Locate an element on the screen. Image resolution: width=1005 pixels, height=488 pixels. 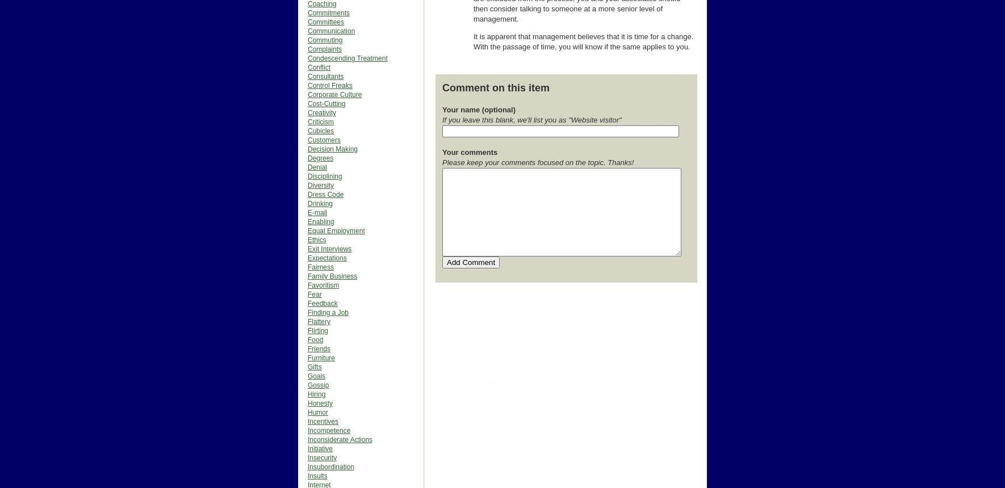
'Drinking' is located at coordinates (307, 203).